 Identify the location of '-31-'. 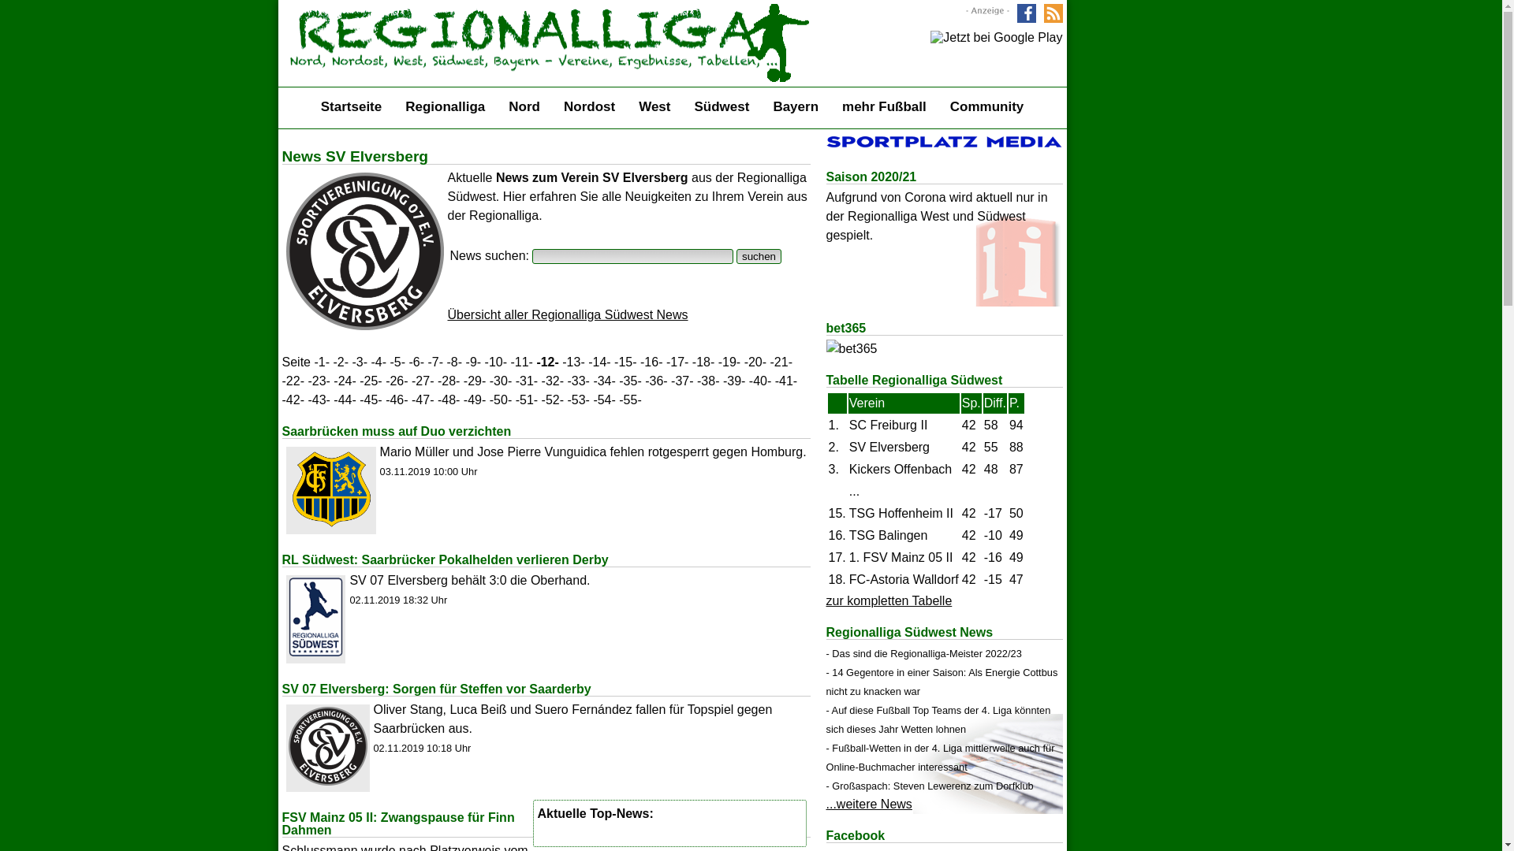
(526, 381).